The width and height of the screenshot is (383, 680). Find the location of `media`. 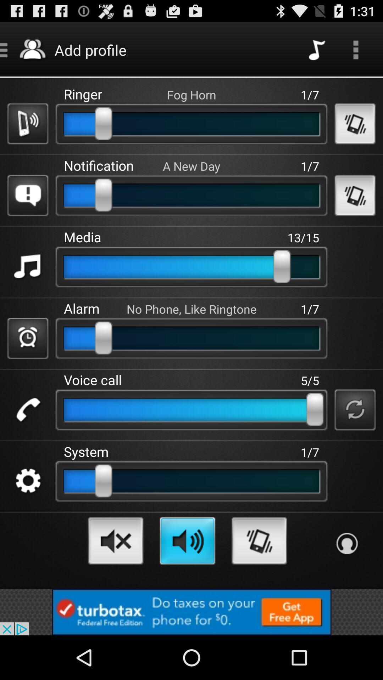

media is located at coordinates (27, 266).